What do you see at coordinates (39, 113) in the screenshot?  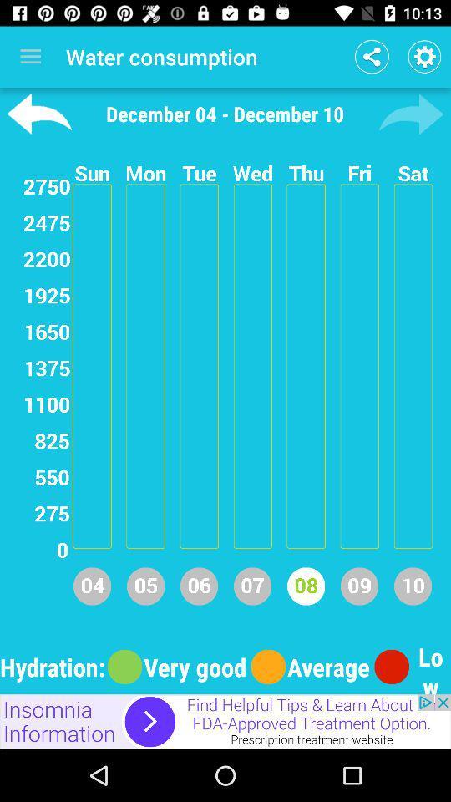 I see `the reply icon` at bounding box center [39, 113].